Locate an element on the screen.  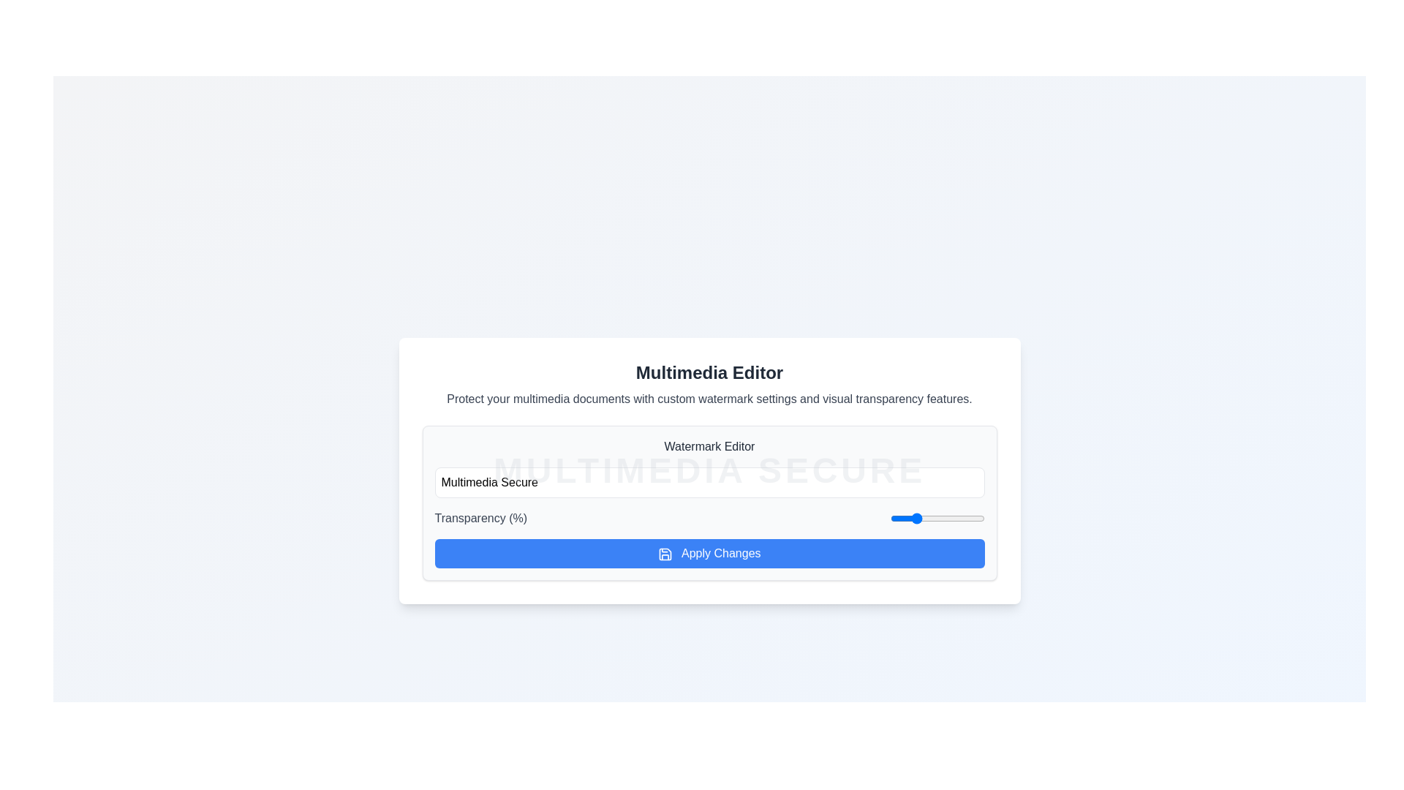
text displayed in the 'Watermark Editor' text label, which is bold, medium-sized, and dark gray in color, located at the top of the watermark editing section is located at coordinates (709, 445).